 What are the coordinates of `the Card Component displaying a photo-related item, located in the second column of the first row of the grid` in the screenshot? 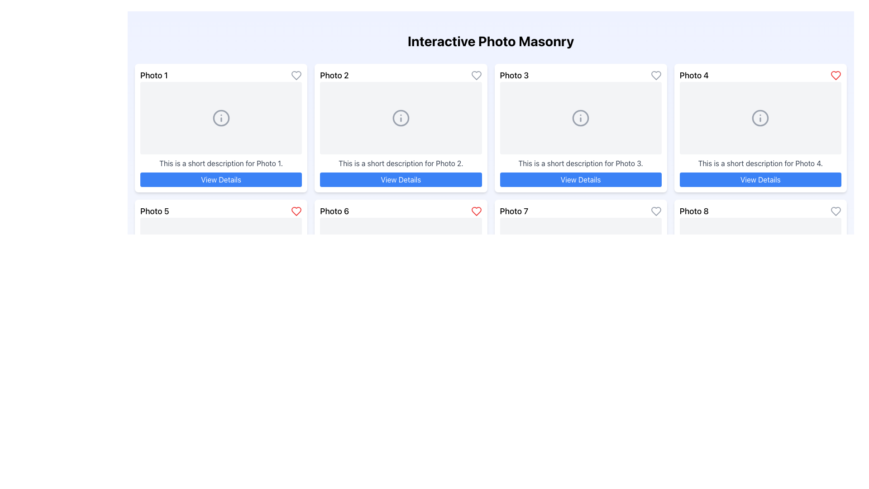 It's located at (400, 128).